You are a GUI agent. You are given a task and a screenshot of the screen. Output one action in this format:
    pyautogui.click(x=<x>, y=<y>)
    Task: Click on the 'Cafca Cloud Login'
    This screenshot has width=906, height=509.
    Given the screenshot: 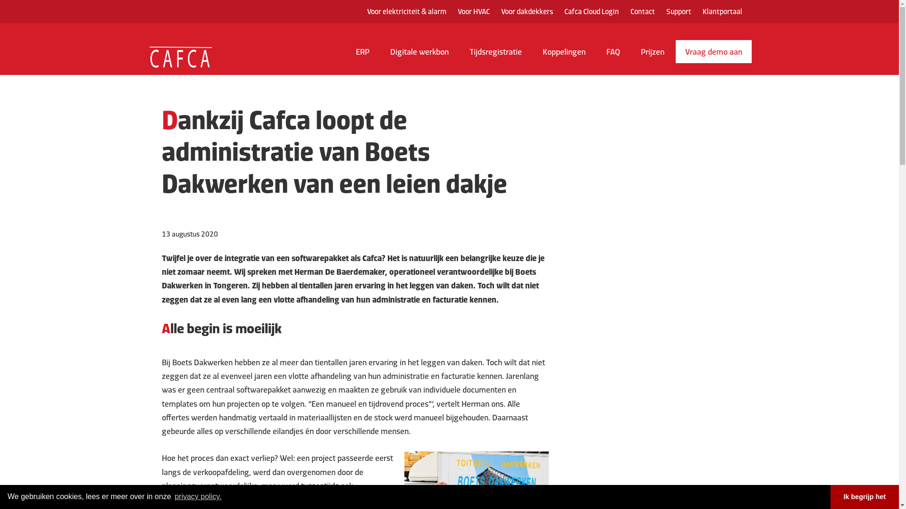 What is the action you would take?
    pyautogui.click(x=591, y=11)
    